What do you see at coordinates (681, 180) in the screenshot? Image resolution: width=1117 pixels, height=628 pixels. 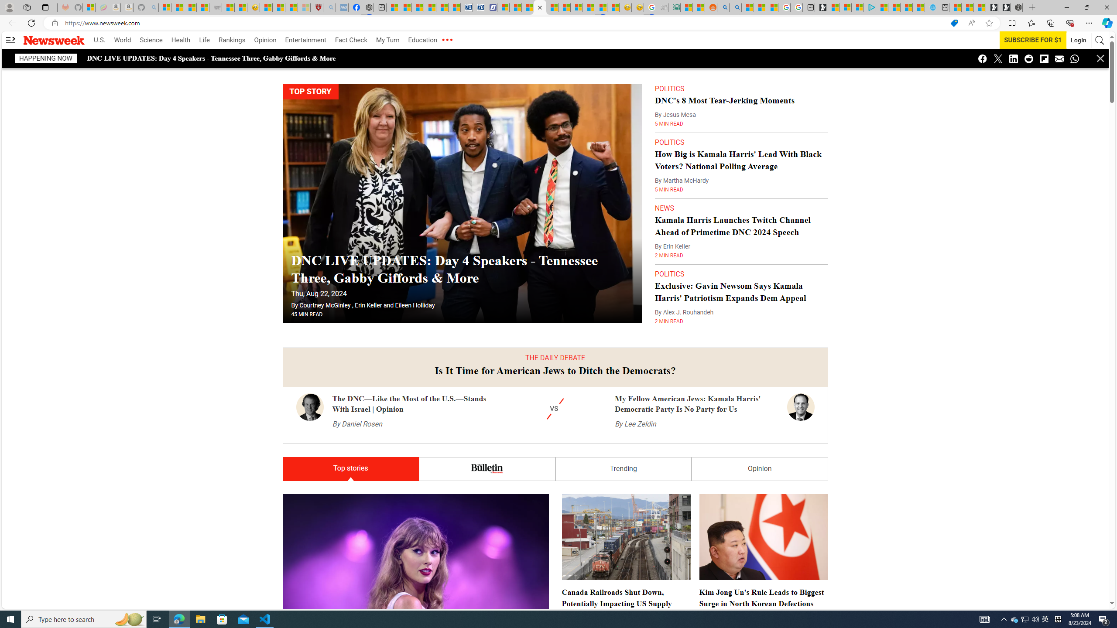 I see `'By Martha McHardy'` at bounding box center [681, 180].